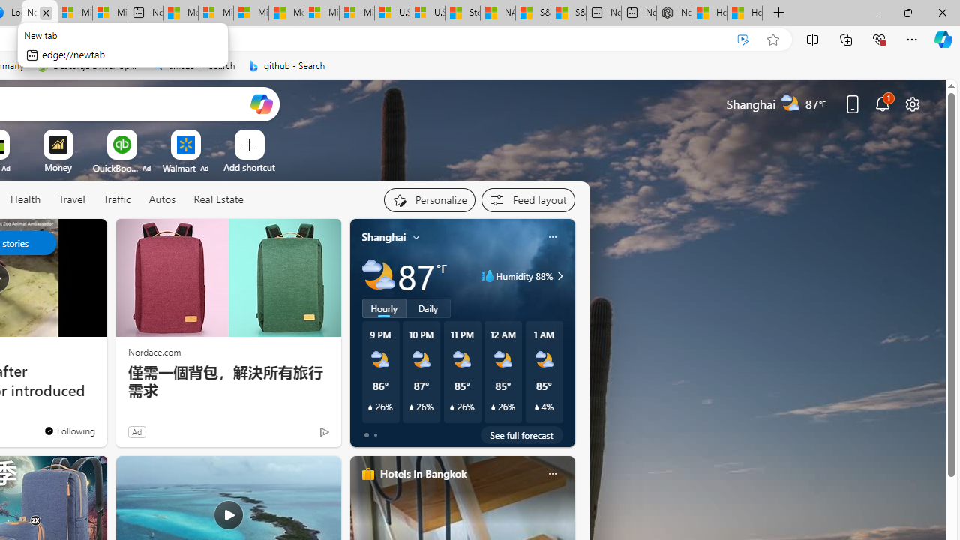 Image resolution: width=960 pixels, height=540 pixels. What do you see at coordinates (193, 65) in the screenshot?
I see `'amazon - Search'` at bounding box center [193, 65].